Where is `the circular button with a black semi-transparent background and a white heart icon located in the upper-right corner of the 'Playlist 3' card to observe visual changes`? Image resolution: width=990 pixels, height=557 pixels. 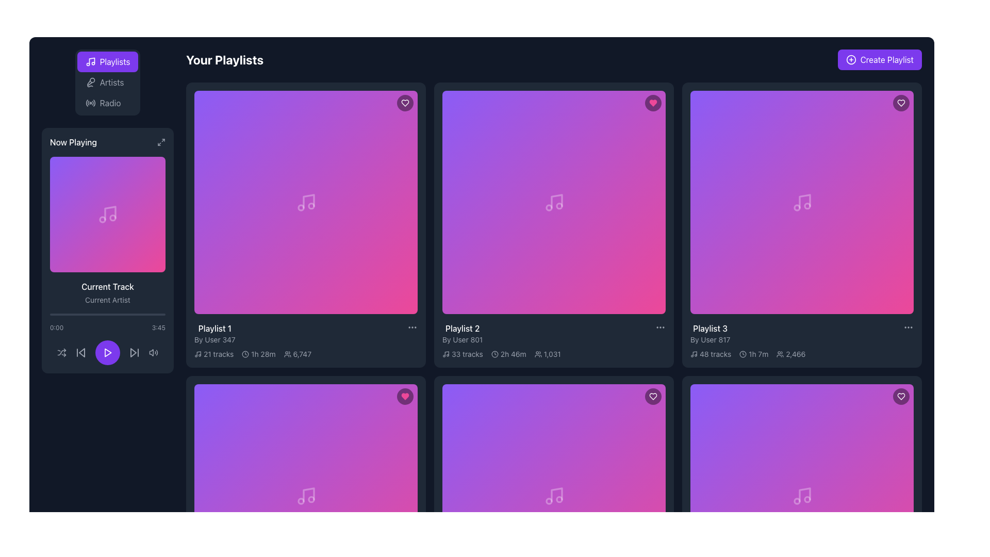 the circular button with a black semi-transparent background and a white heart icon located in the upper-right corner of the 'Playlist 3' card to observe visual changes is located at coordinates (900, 103).